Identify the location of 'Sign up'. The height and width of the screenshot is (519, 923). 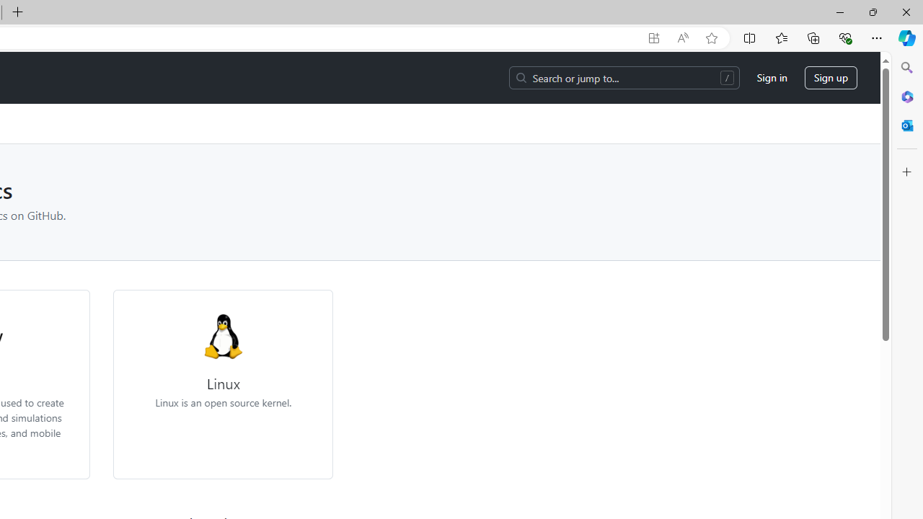
(831, 78).